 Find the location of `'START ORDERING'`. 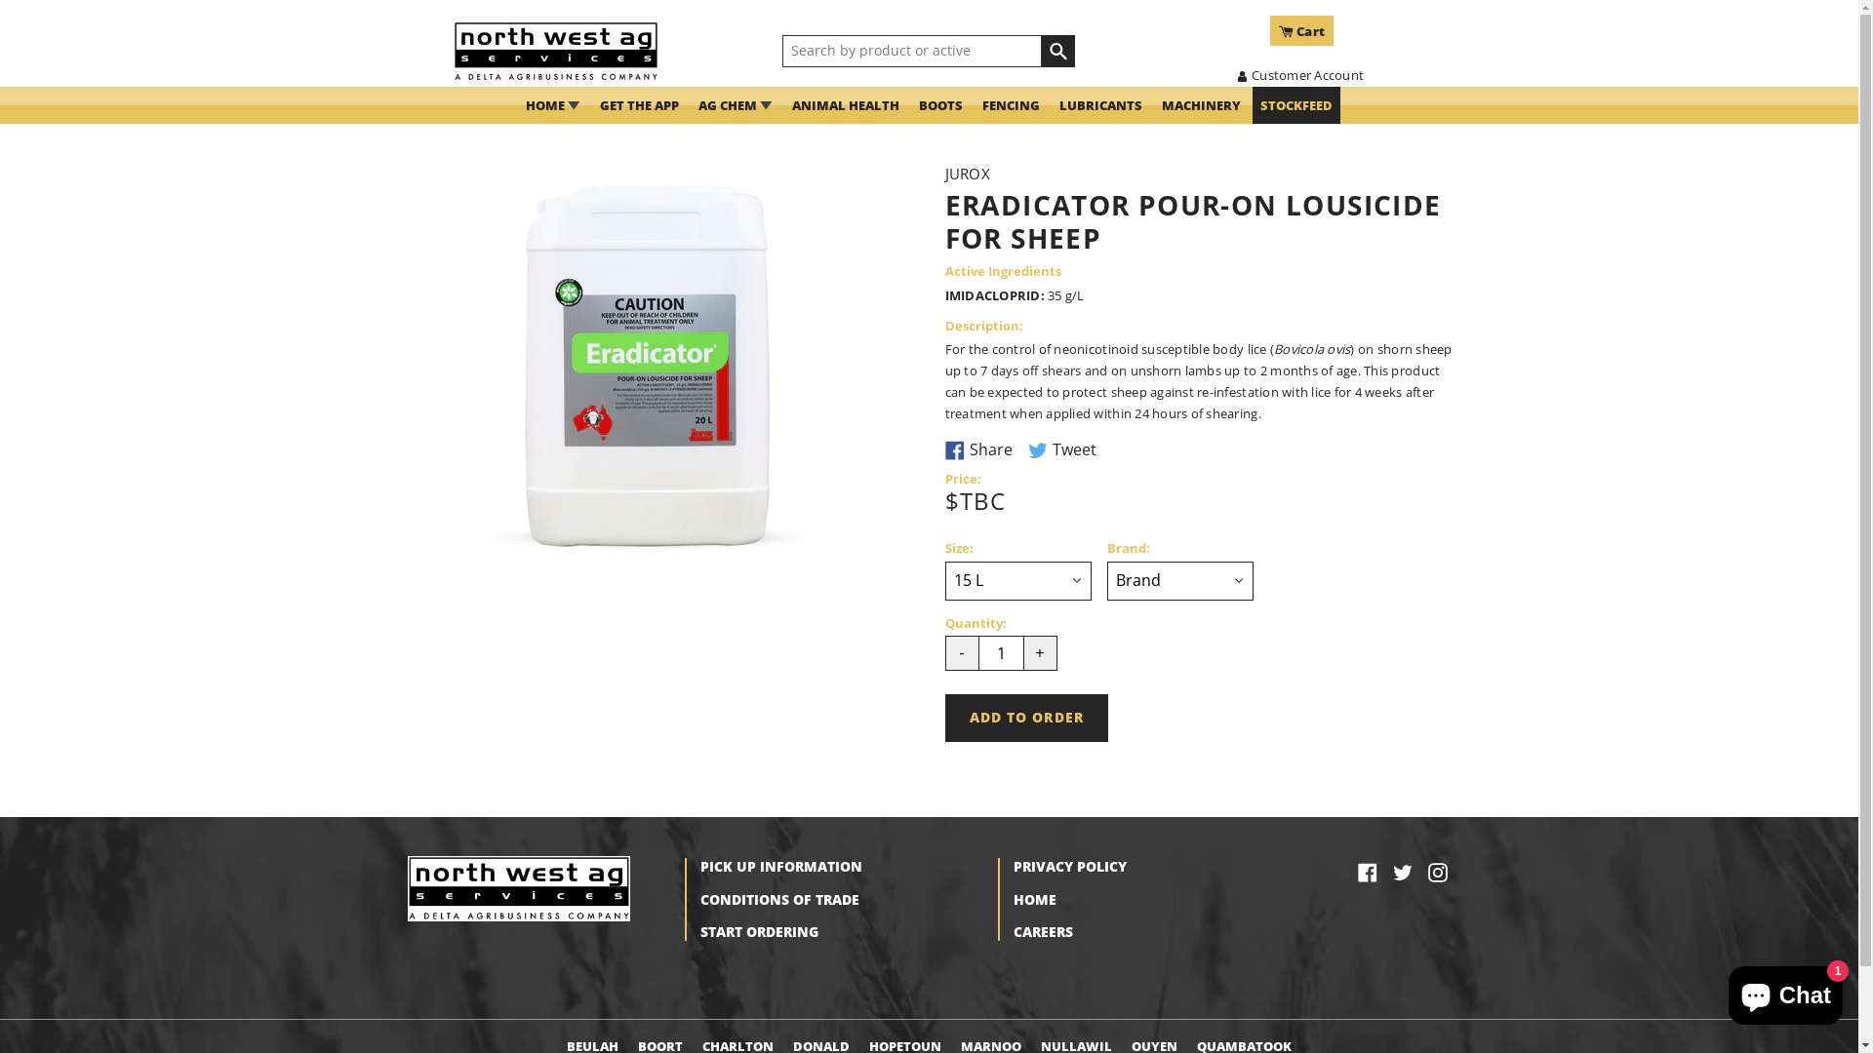

'START ORDERING' is located at coordinates (758, 930).